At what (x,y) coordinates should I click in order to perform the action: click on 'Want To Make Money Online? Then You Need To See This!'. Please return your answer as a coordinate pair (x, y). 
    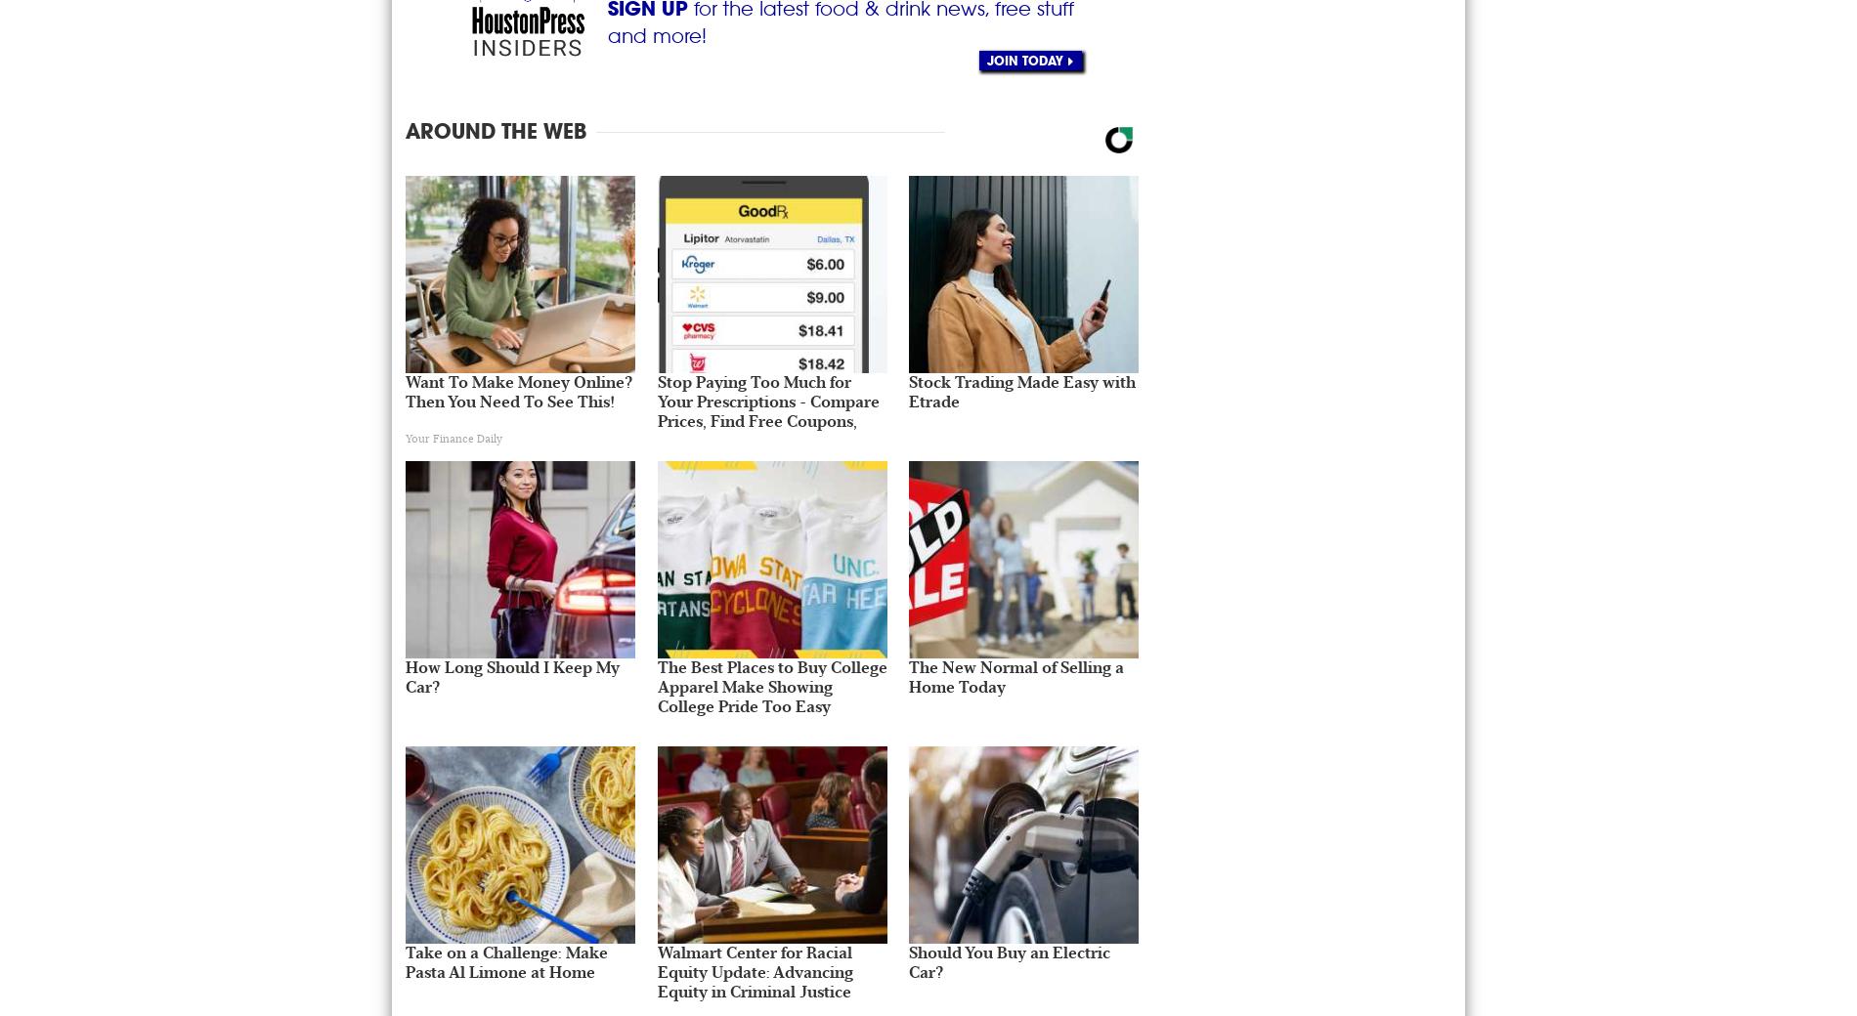
    Looking at the image, I should click on (404, 391).